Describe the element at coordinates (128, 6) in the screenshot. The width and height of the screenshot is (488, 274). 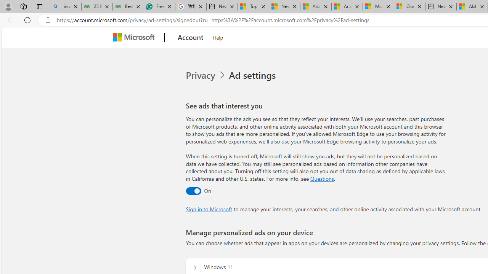
I see `'Best SSL Certificates Provider in India - GeeksforGeeks'` at that location.